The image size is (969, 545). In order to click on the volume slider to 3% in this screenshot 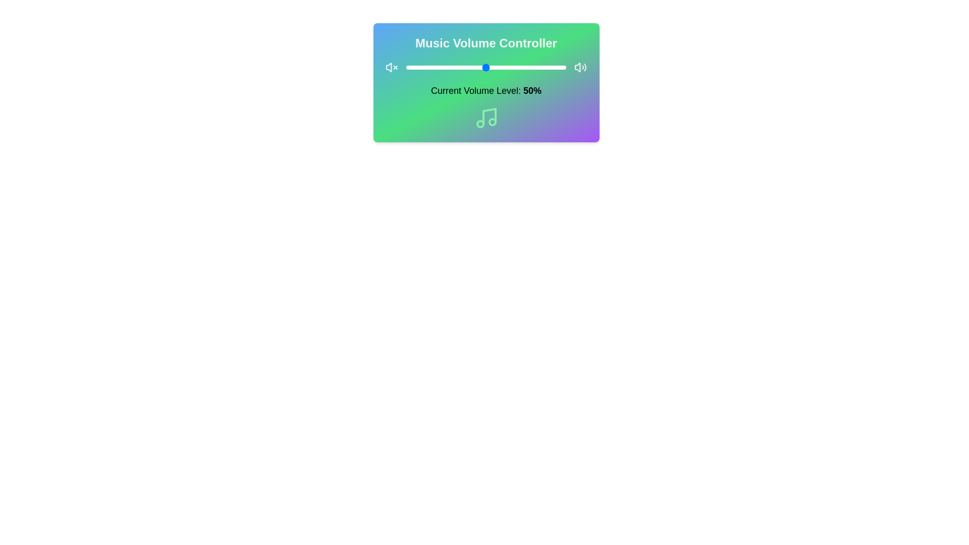, I will do `click(411, 68)`.